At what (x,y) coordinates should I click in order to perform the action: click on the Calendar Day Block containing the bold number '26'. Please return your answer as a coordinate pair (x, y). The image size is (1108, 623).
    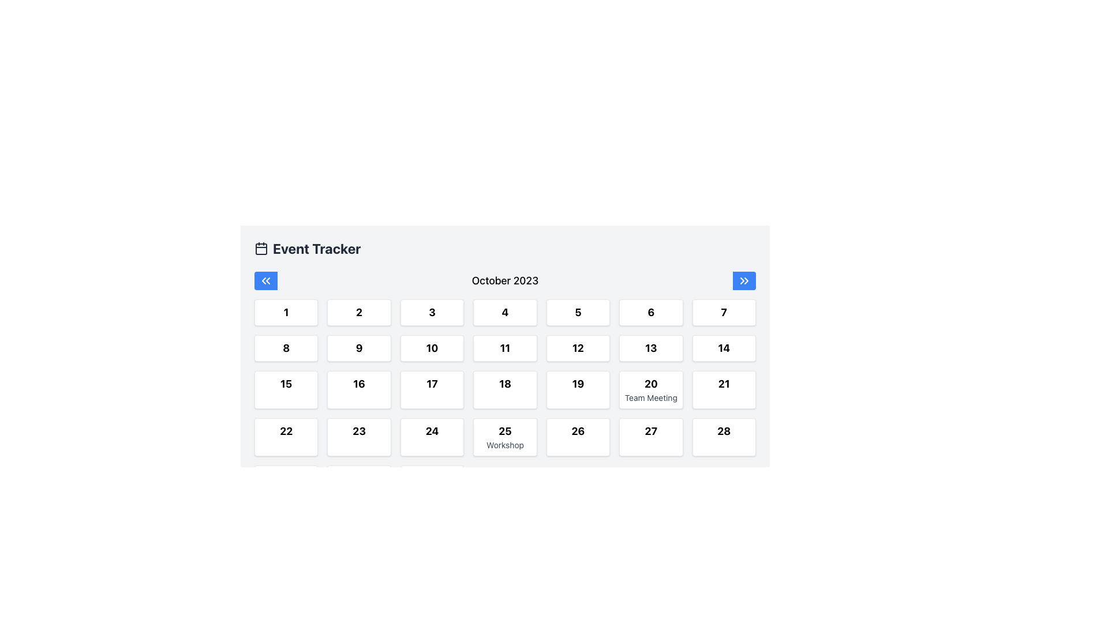
    Looking at the image, I should click on (578, 437).